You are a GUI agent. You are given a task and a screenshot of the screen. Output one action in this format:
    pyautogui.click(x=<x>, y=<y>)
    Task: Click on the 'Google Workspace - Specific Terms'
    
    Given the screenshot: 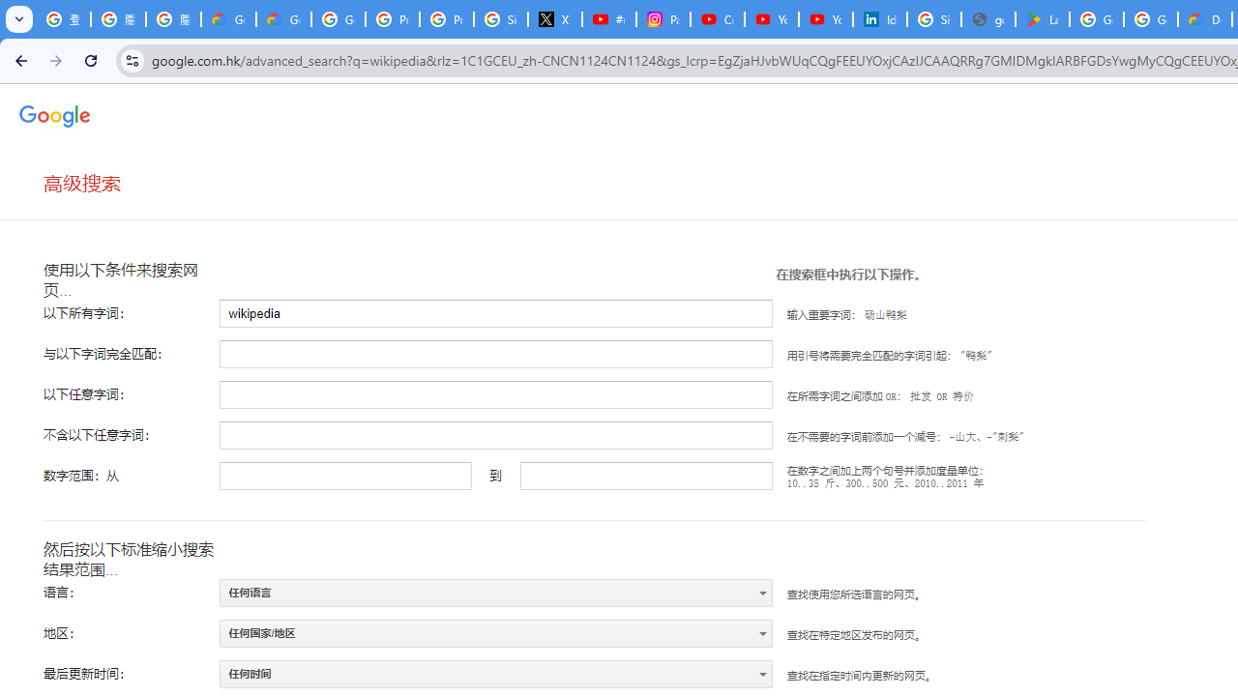 What is the action you would take?
    pyautogui.click(x=1151, y=19)
    